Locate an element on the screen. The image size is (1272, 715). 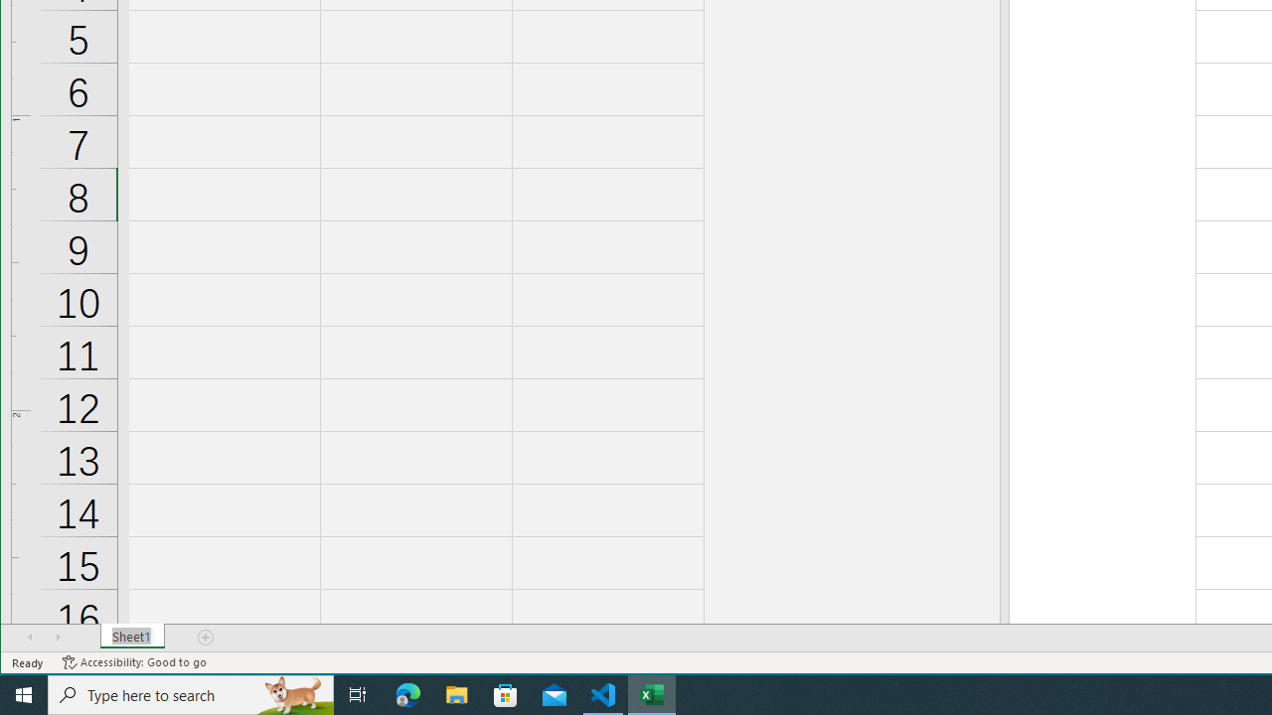
'Scroll Right' is located at coordinates (58, 637).